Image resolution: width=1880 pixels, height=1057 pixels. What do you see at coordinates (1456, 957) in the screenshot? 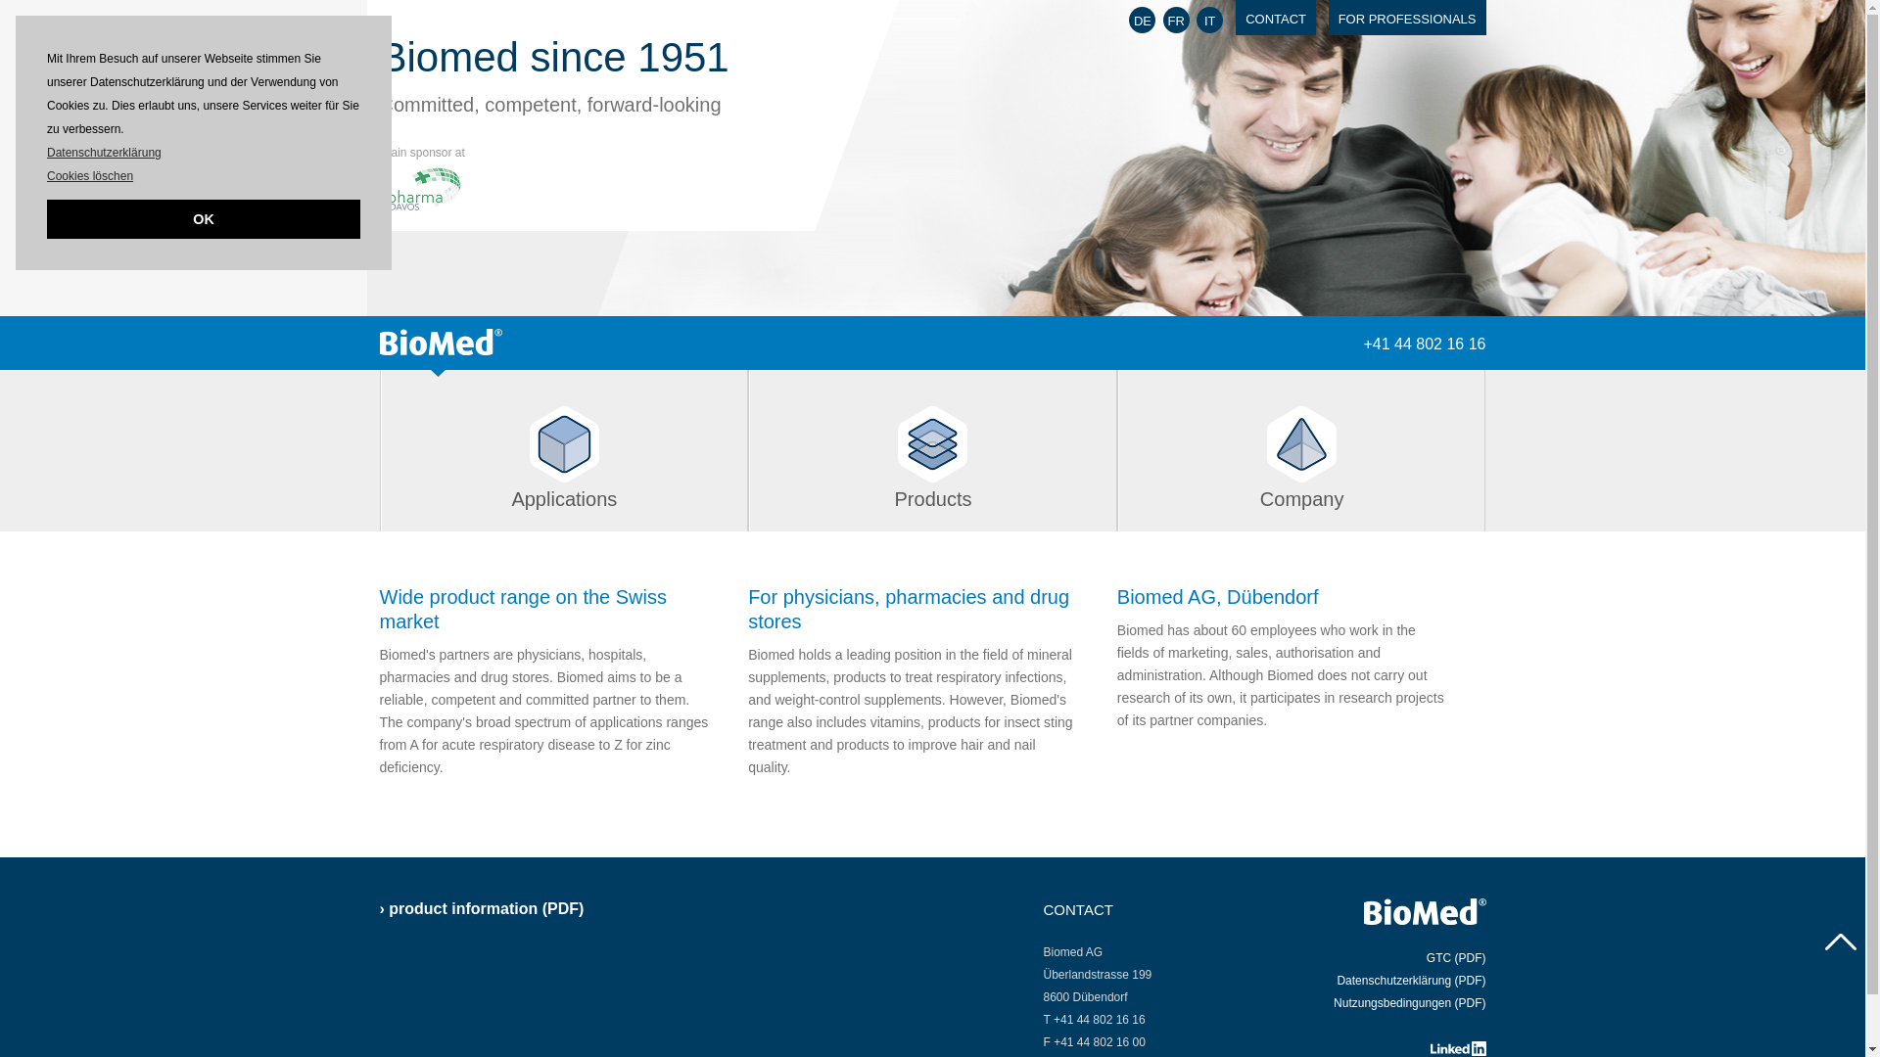
I see `'GTC (PDF)'` at bounding box center [1456, 957].